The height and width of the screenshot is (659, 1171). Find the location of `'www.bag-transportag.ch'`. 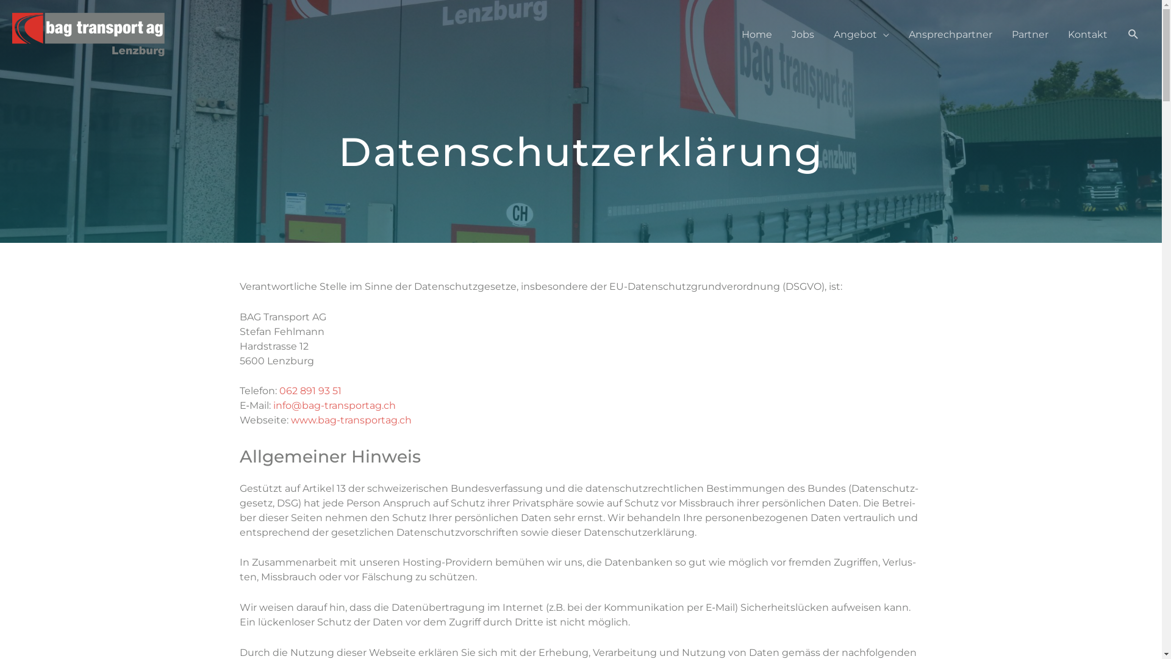

'www.bag-transportag.ch' is located at coordinates (350, 419).